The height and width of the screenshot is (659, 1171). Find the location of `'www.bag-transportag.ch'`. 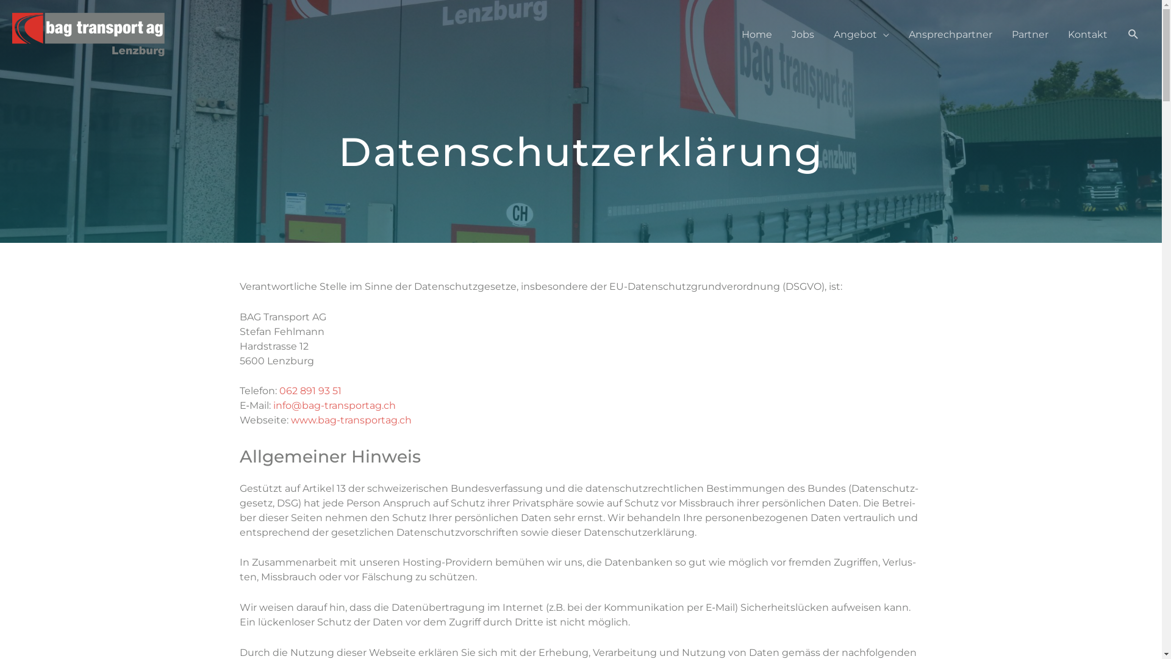

'www.bag-transportag.ch' is located at coordinates (350, 419).